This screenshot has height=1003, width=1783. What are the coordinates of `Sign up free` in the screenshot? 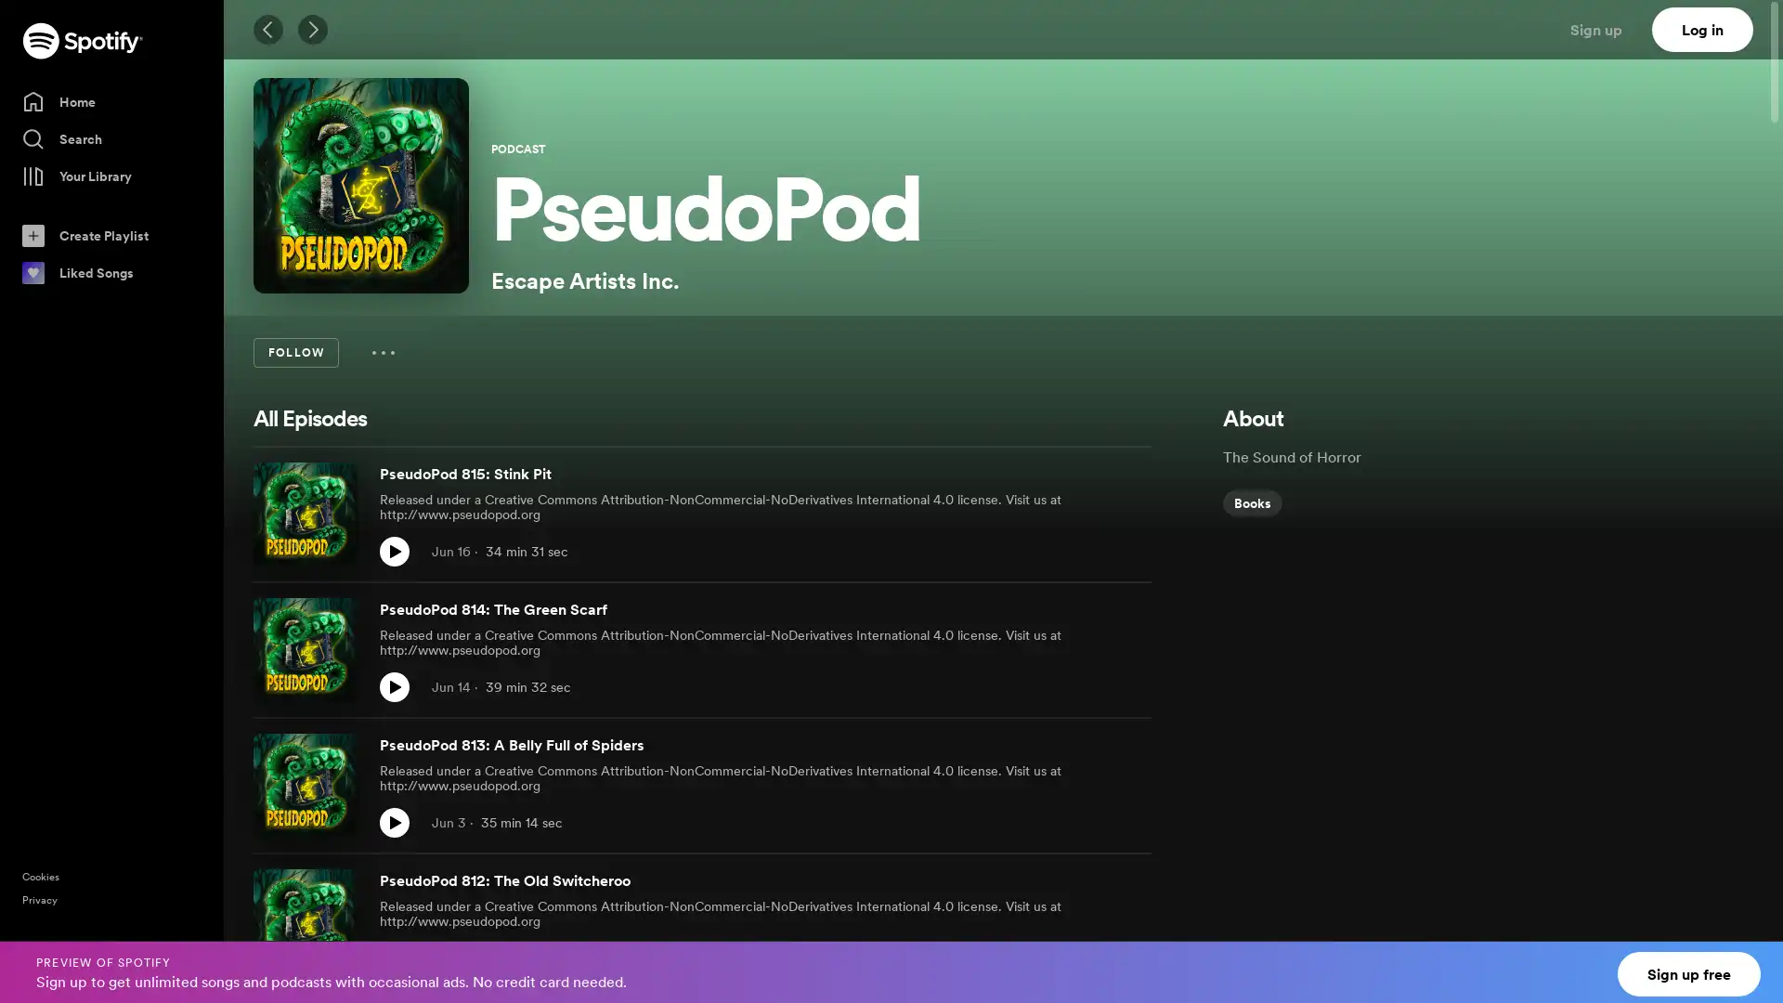 It's located at (1689, 973).